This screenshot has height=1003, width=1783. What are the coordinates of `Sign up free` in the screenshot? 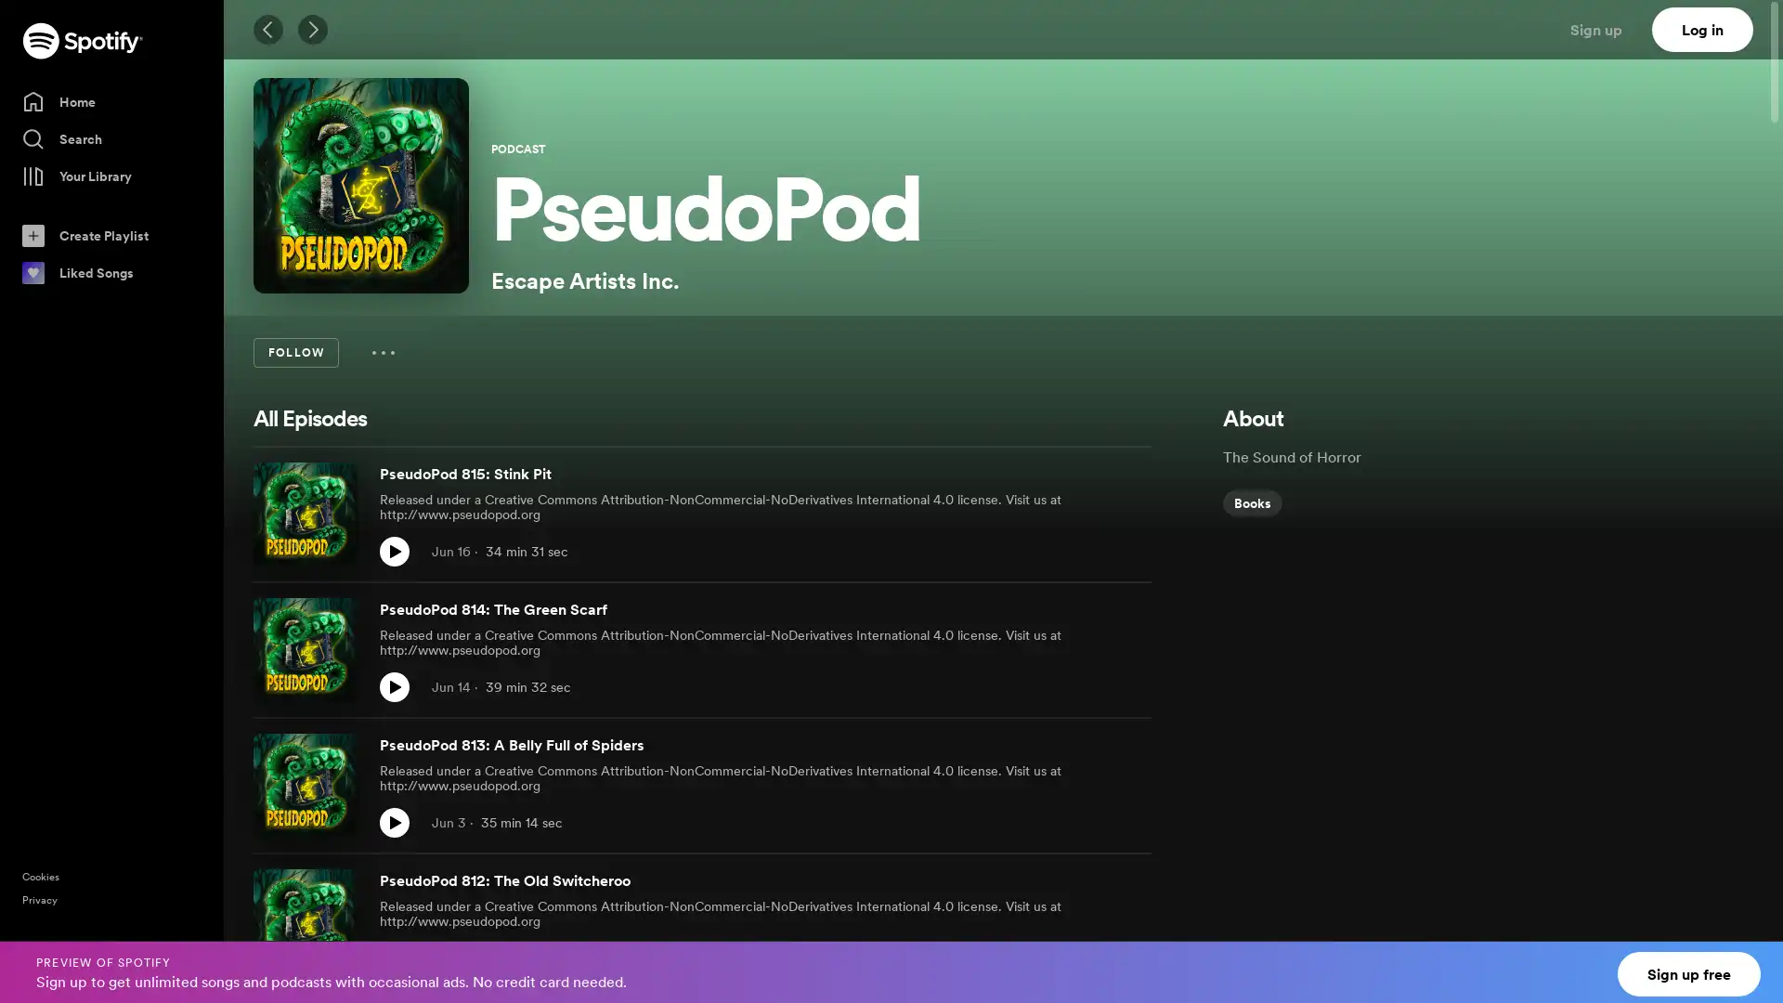 It's located at (1689, 973).